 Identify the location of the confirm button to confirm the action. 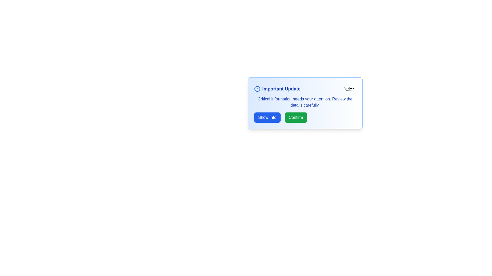
(296, 117).